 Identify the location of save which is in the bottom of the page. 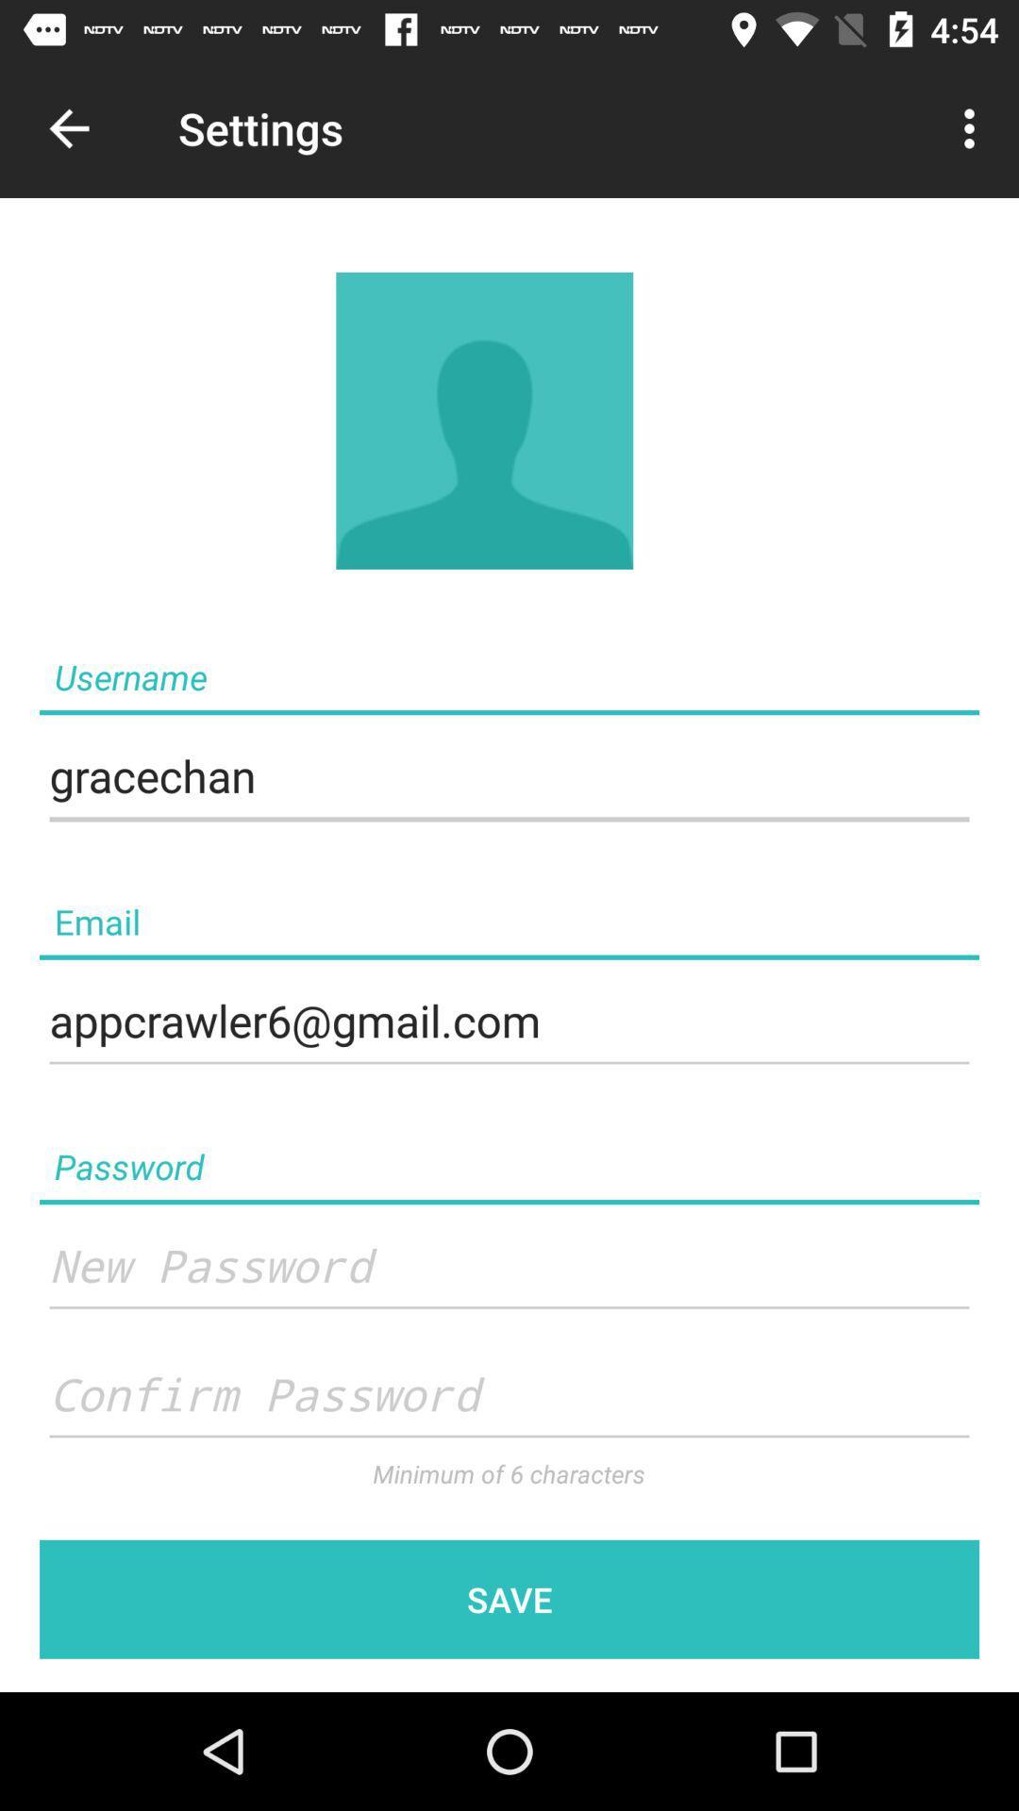
(509, 1598).